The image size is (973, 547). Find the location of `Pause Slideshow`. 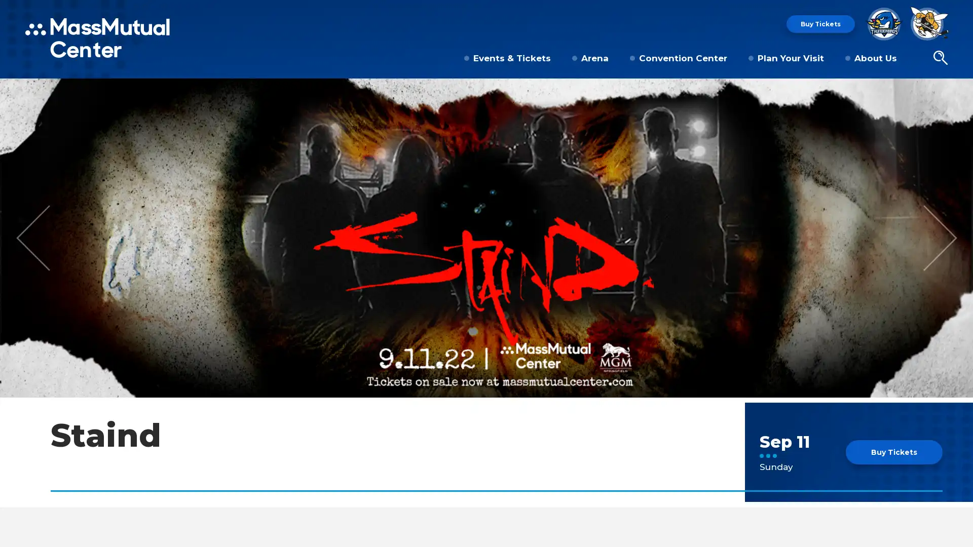

Pause Slideshow is located at coordinates (959, 92).